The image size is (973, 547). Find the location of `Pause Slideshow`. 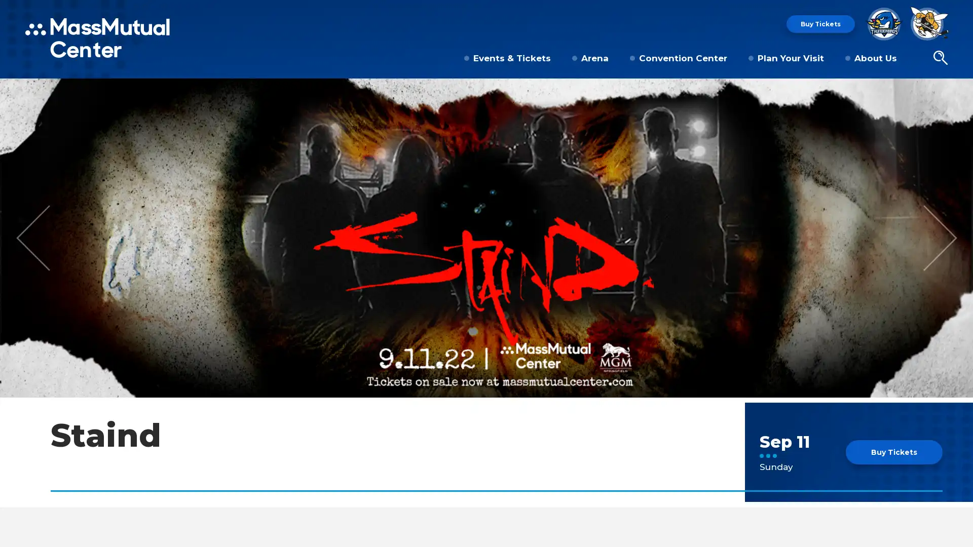

Pause Slideshow is located at coordinates (959, 92).